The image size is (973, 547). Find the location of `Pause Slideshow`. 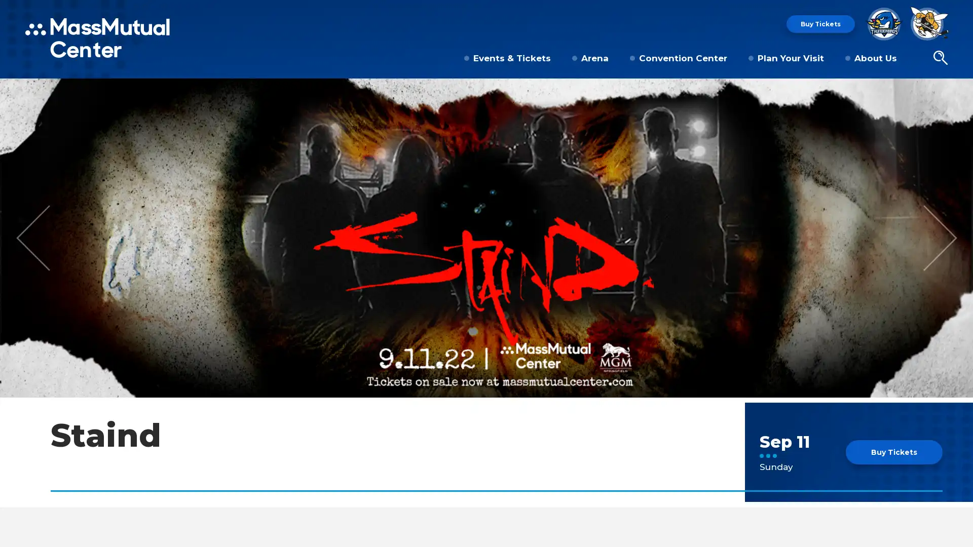

Pause Slideshow is located at coordinates (959, 92).